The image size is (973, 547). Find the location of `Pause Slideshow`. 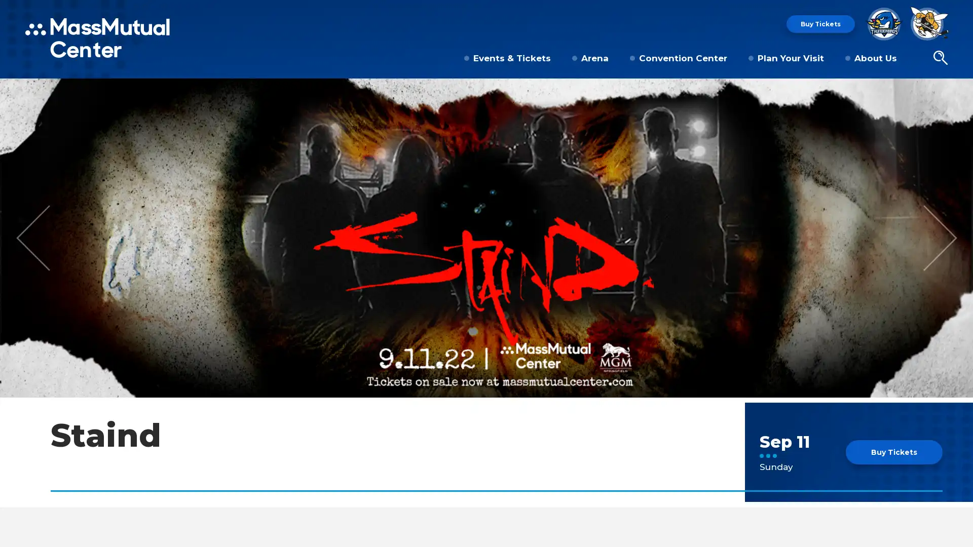

Pause Slideshow is located at coordinates (959, 92).